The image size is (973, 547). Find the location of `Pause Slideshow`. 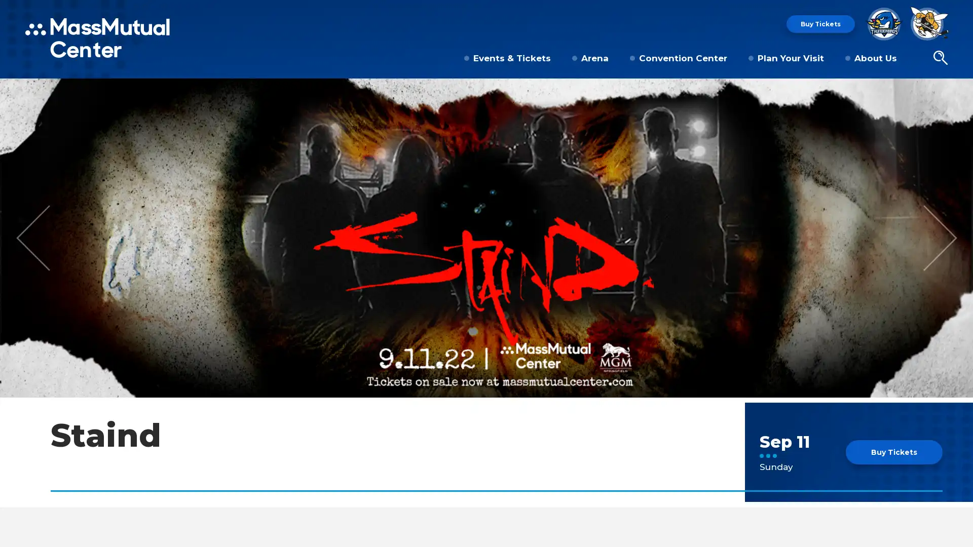

Pause Slideshow is located at coordinates (959, 92).